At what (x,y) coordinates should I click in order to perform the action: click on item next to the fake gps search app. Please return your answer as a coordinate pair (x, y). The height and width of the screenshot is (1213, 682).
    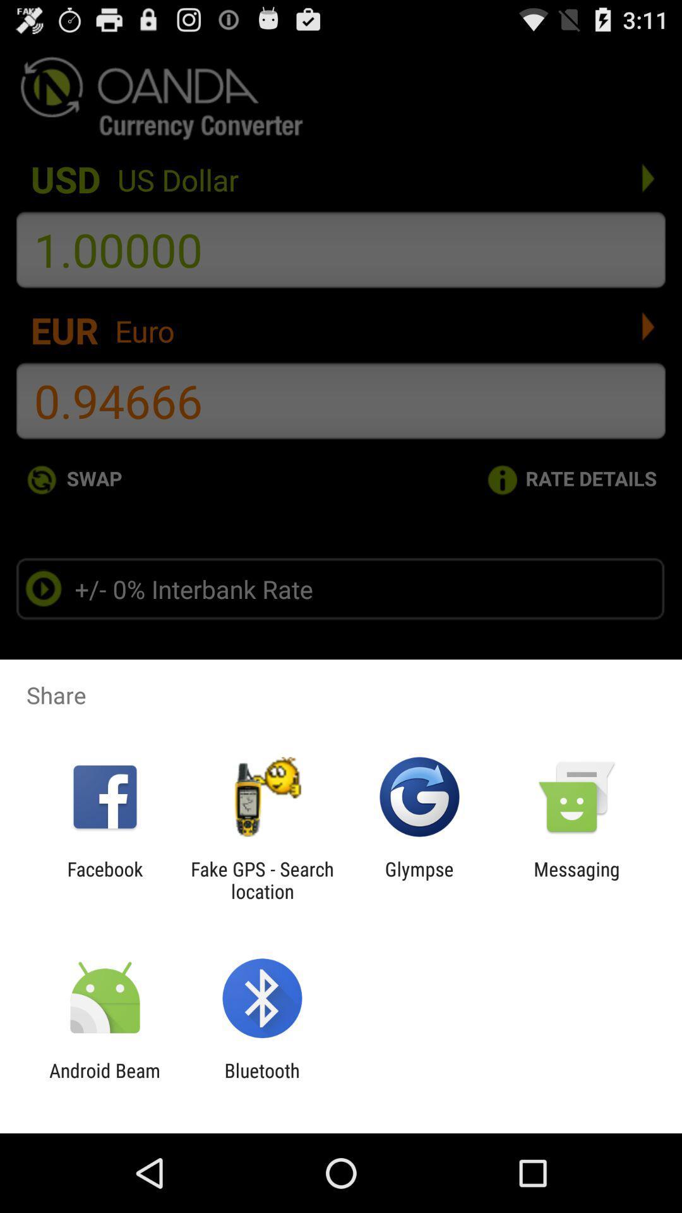
    Looking at the image, I should click on (419, 879).